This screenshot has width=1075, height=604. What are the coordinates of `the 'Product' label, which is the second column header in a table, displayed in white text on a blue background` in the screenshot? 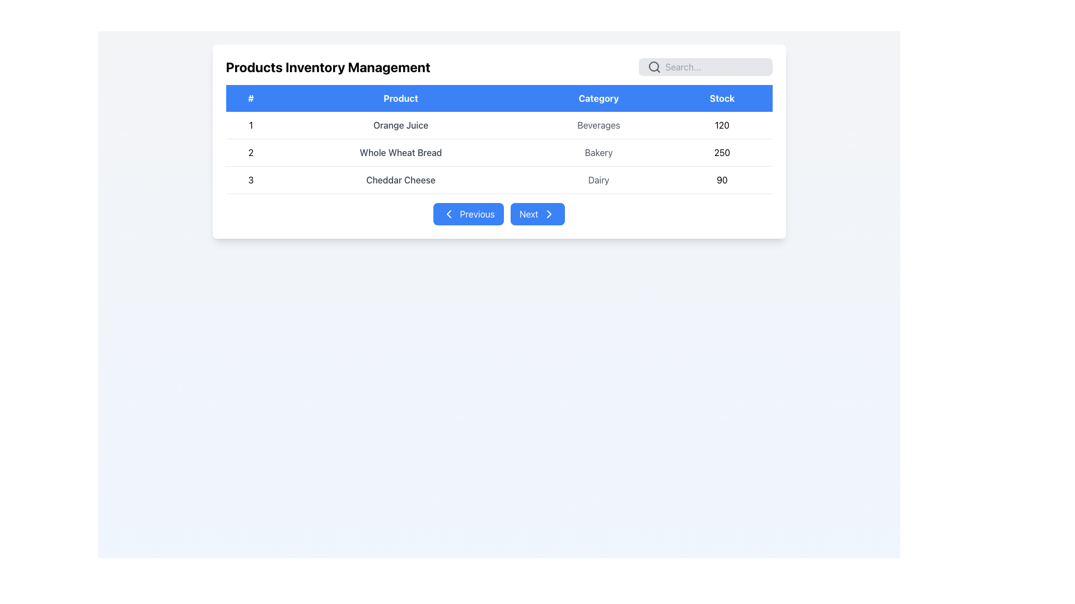 It's located at (400, 98).